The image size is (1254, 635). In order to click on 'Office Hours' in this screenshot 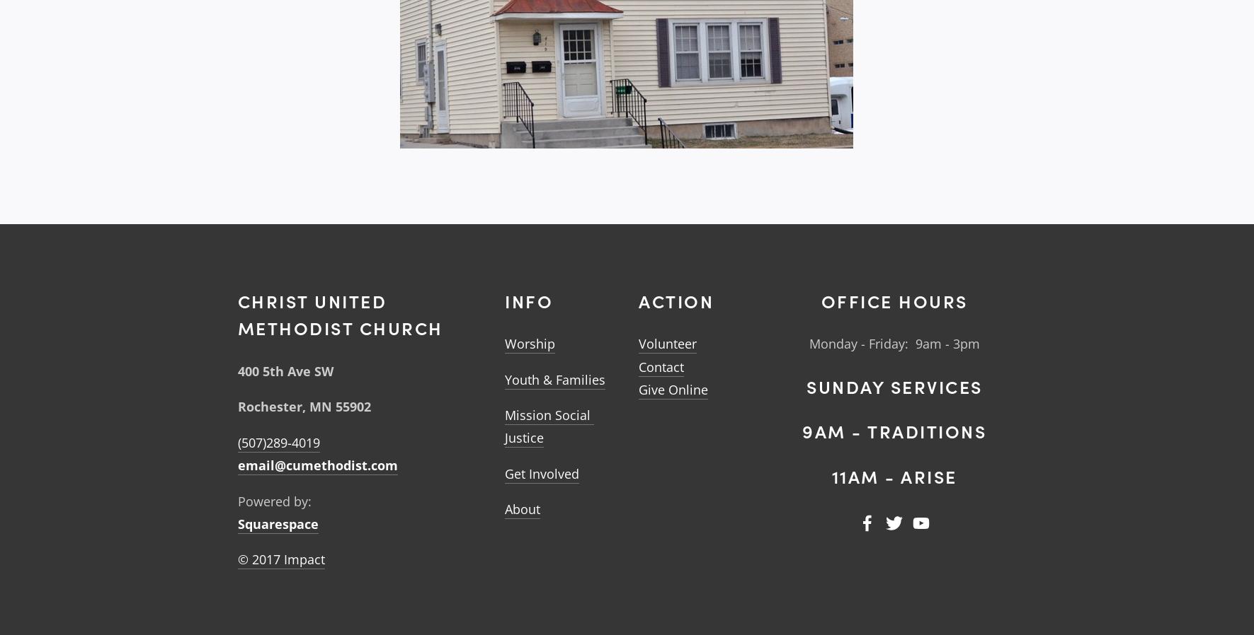, I will do `click(820, 300)`.